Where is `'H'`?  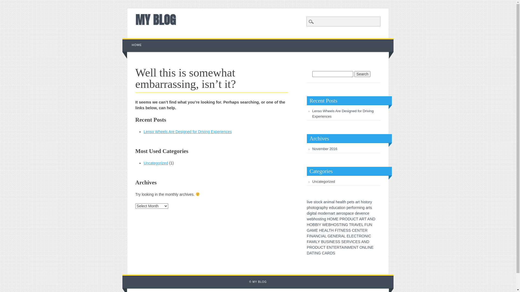 'H' is located at coordinates (331, 224).